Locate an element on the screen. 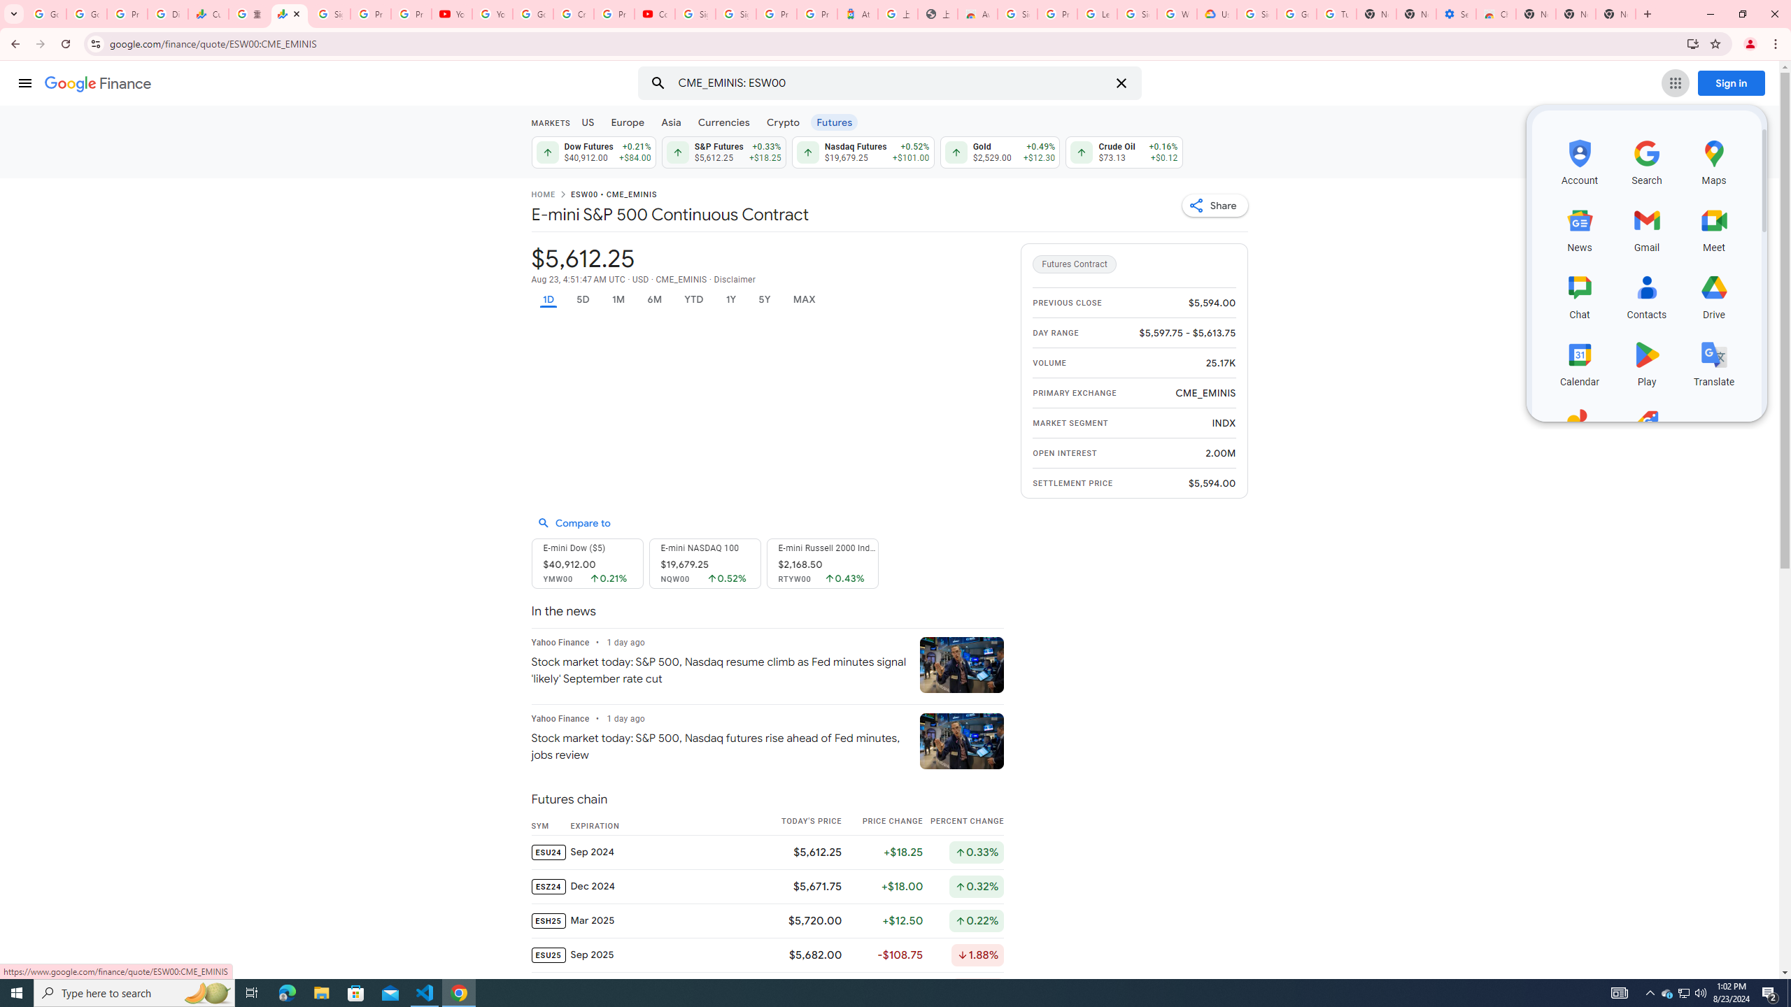 This screenshot has height=1007, width=1791. '6M' is located at coordinates (653, 299).